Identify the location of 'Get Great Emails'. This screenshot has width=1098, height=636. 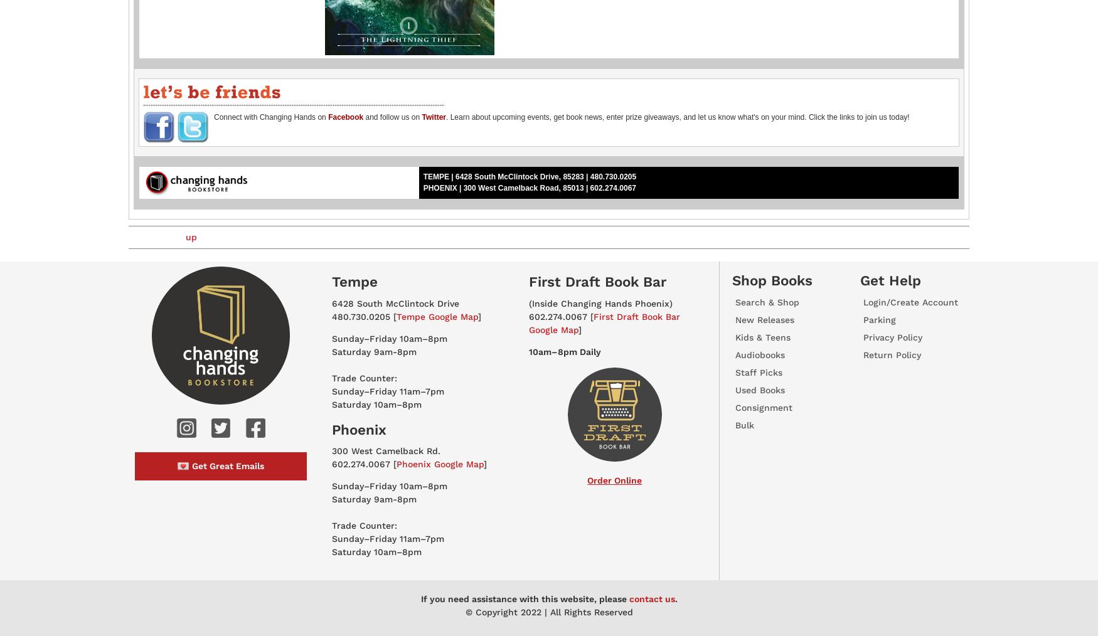
(227, 465).